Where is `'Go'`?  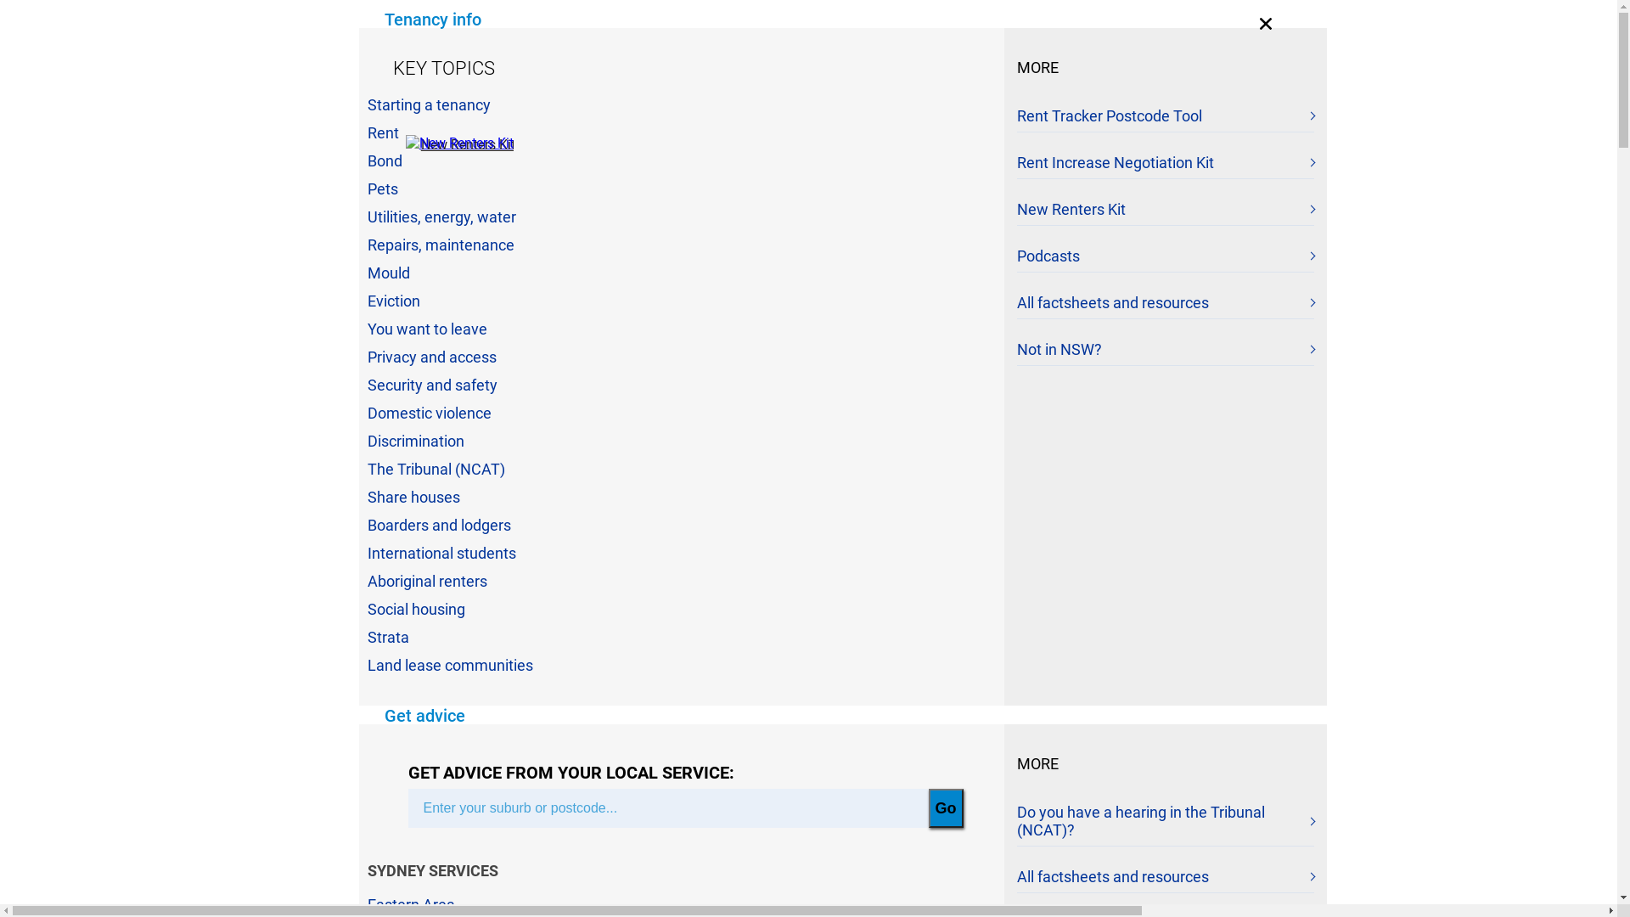 'Go' is located at coordinates (945, 807).